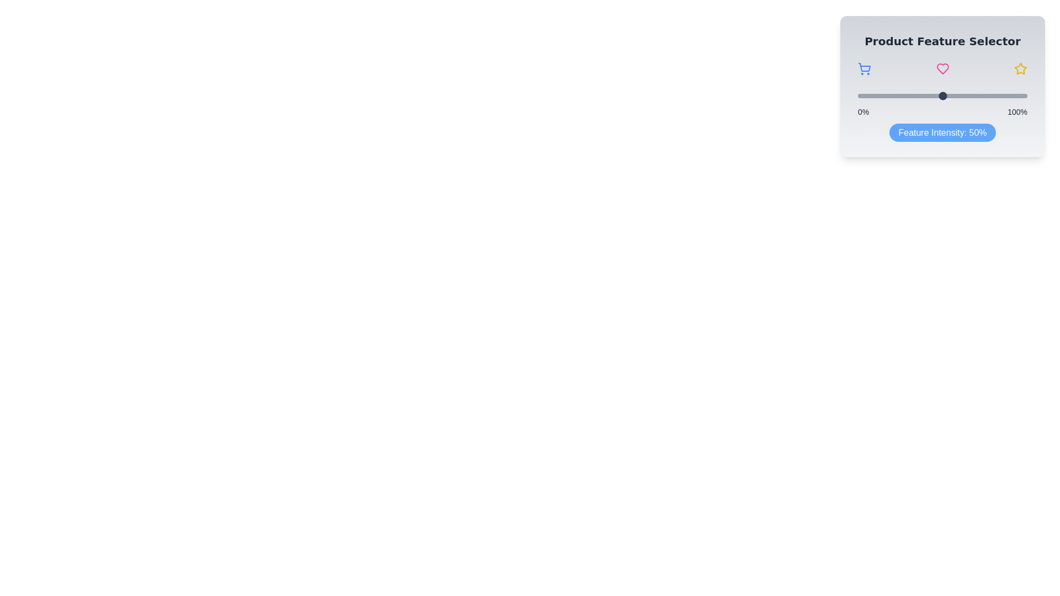 The width and height of the screenshot is (1060, 596). Describe the element at coordinates (874, 95) in the screenshot. I see `the slider to set the feature intensity to 10%` at that location.